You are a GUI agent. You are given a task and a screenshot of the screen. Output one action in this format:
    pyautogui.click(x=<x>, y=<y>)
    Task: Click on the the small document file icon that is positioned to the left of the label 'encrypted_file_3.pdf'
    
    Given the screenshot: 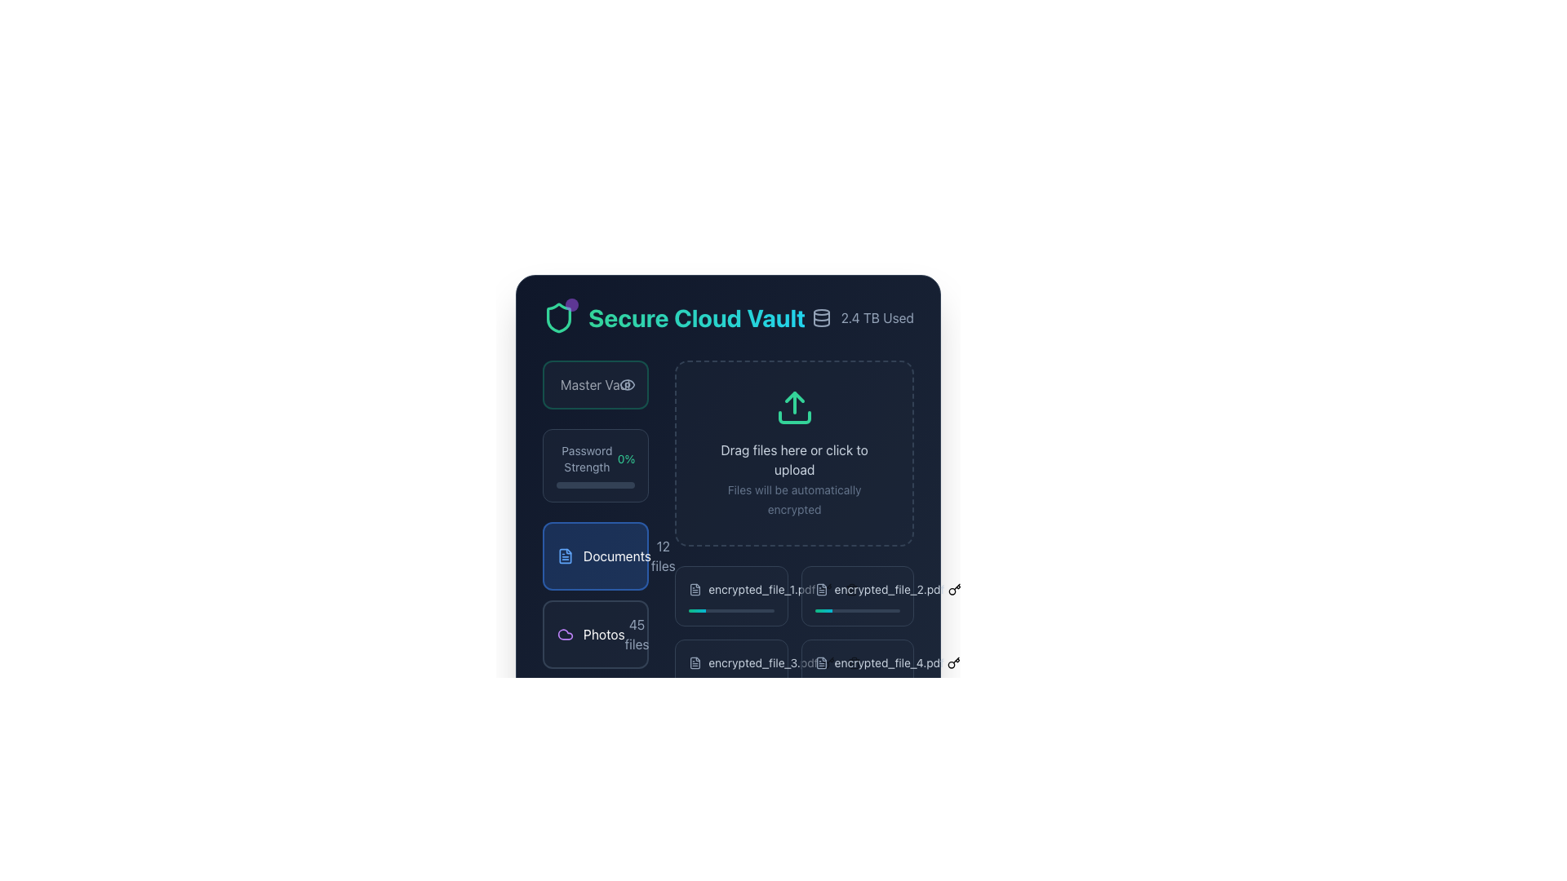 What is the action you would take?
    pyautogui.click(x=695, y=663)
    